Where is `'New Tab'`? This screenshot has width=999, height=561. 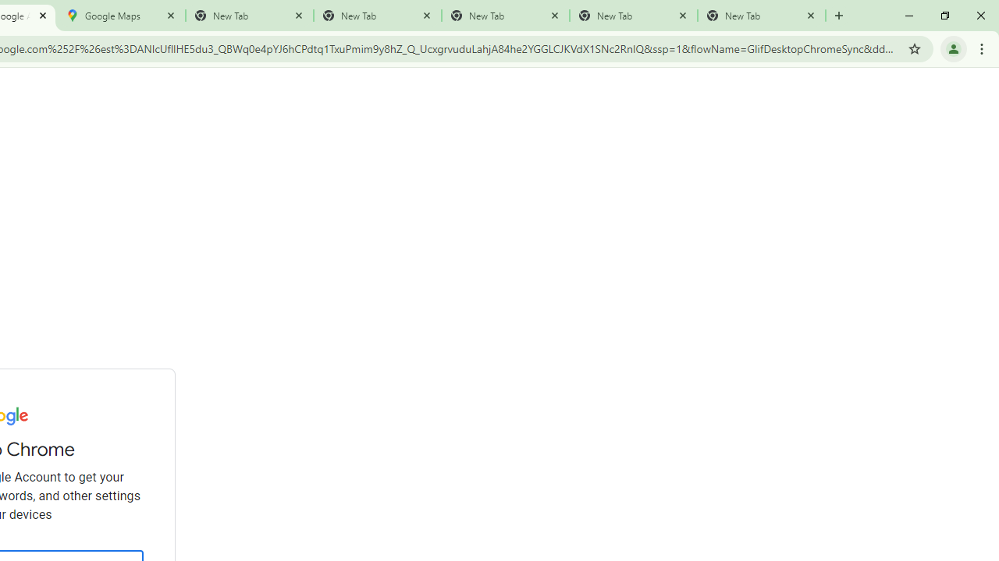
'New Tab' is located at coordinates (762, 16).